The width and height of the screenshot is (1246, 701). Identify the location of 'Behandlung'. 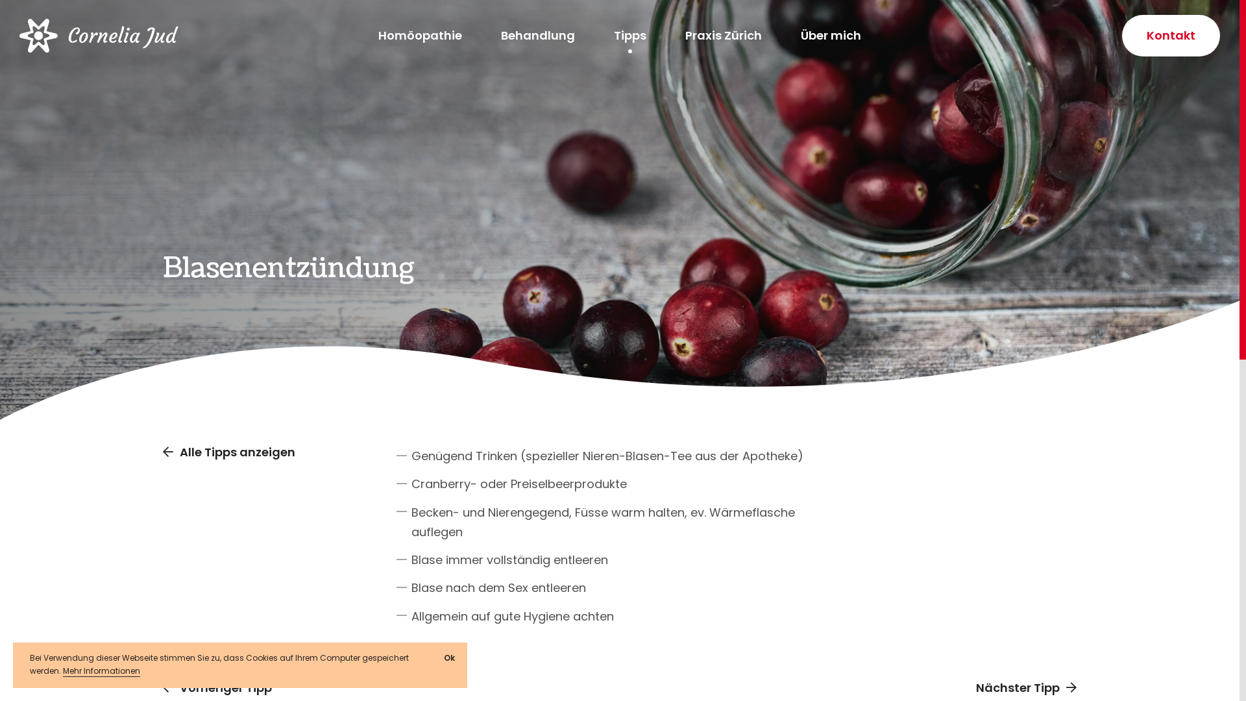
(538, 34).